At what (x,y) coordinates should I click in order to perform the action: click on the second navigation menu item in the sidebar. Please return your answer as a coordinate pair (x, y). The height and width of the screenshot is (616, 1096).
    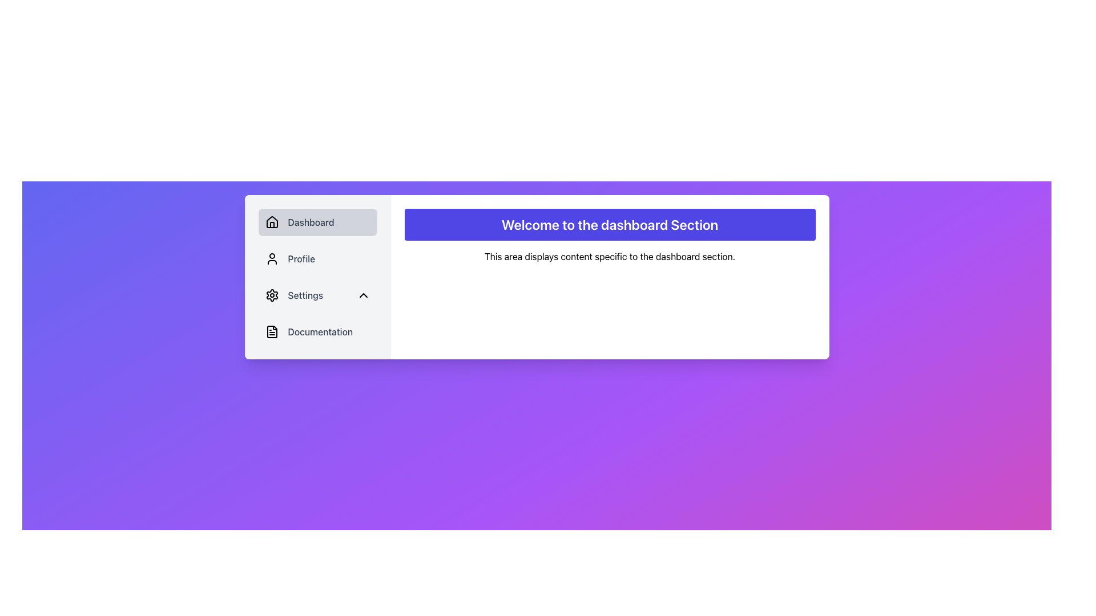
    Looking at the image, I should click on (317, 259).